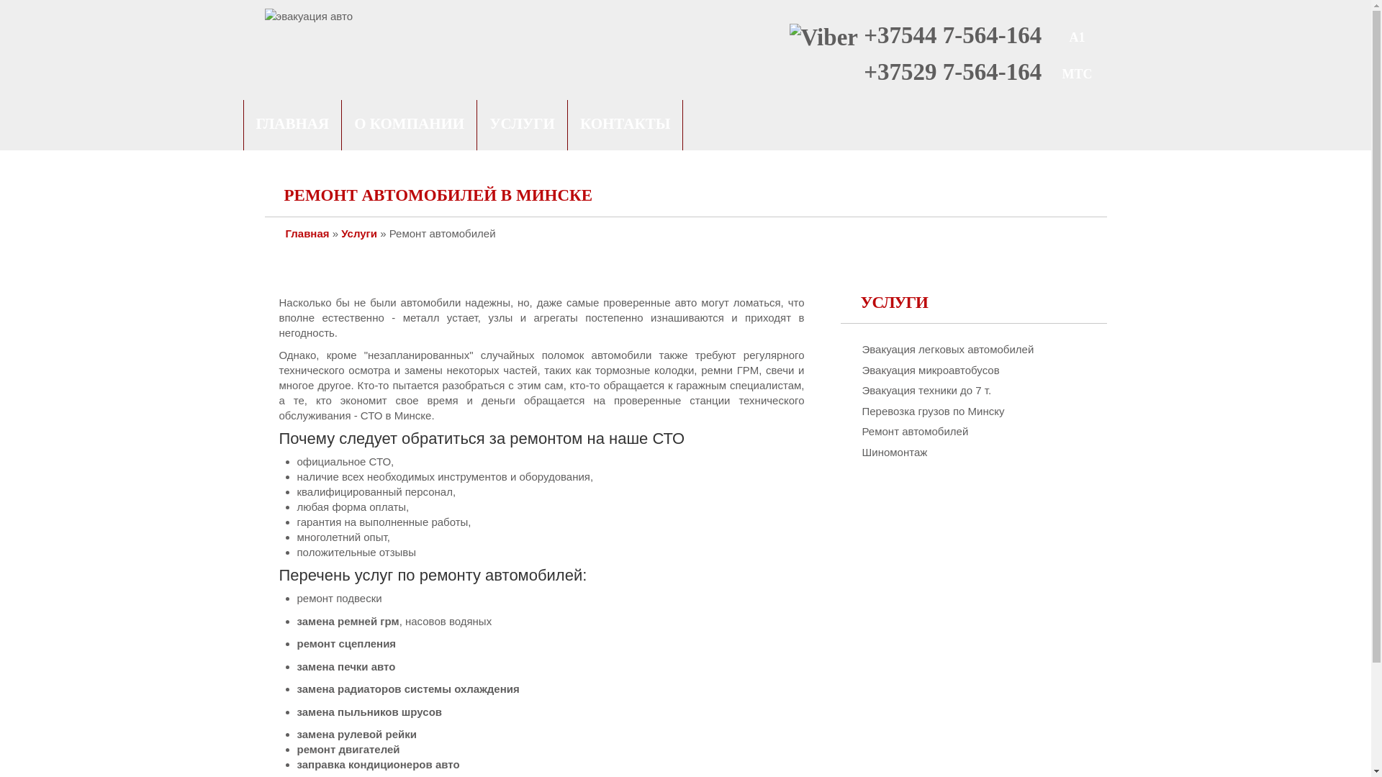 This screenshot has height=777, width=1382. What do you see at coordinates (952, 72) in the screenshot?
I see `'+37529 7-564-164'` at bounding box center [952, 72].